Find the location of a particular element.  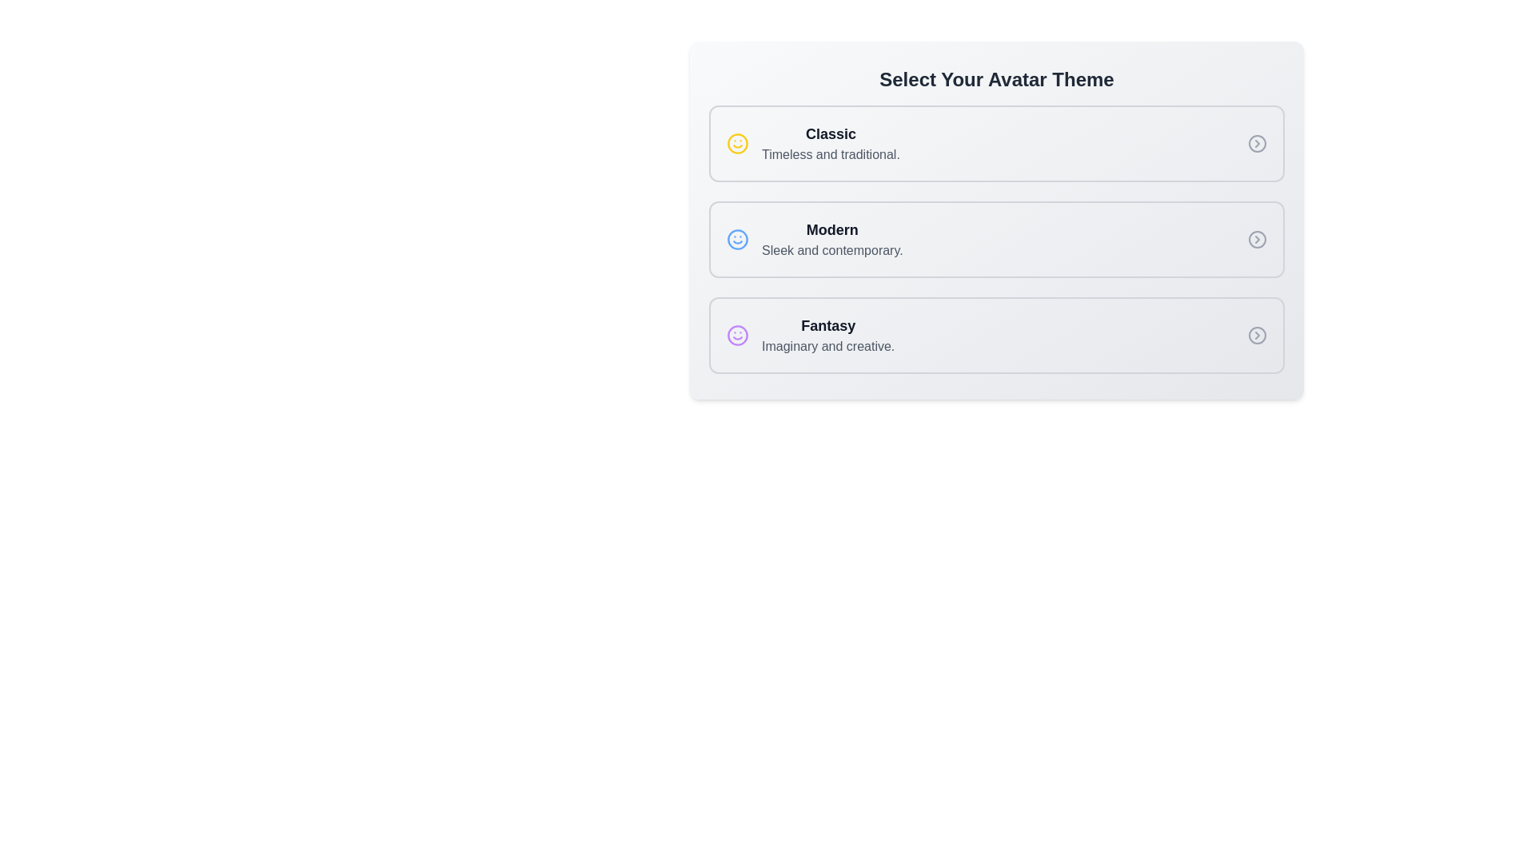

the circular purple icon with a smiling face, located to the left of the text 'Fantasy Imaginary and creative' is located at coordinates (736, 335).